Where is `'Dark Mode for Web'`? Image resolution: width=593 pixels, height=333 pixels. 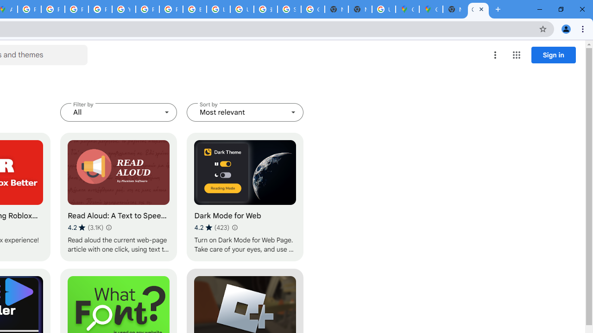 'Dark Mode for Web' is located at coordinates (245, 197).